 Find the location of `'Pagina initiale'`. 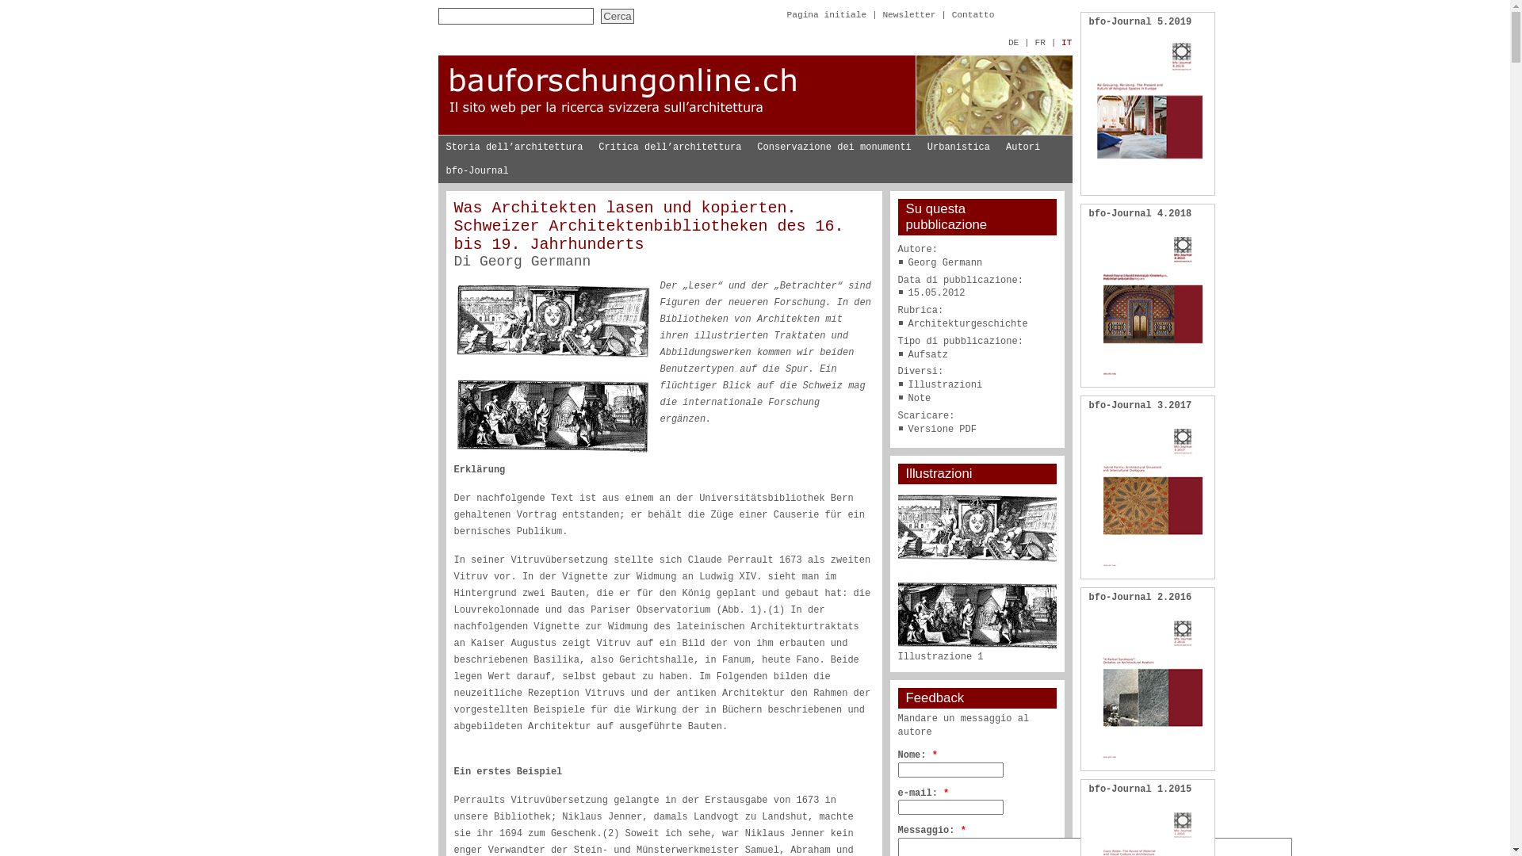

'Pagina initiale' is located at coordinates (825, 15).